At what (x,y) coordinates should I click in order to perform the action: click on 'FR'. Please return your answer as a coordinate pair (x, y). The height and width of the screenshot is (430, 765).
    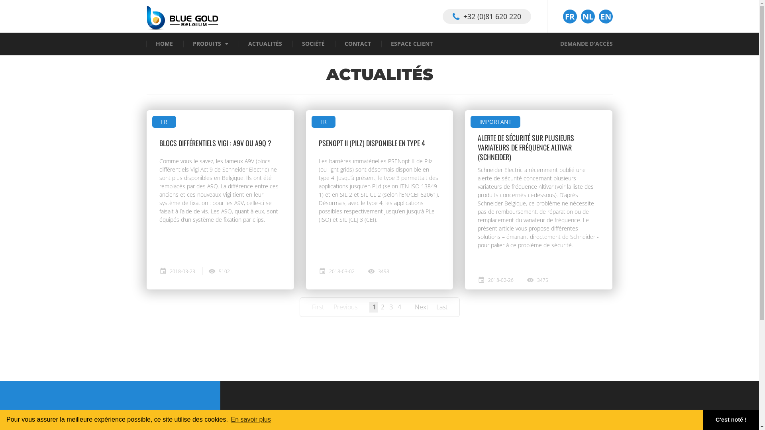
    Looking at the image, I should click on (311, 121).